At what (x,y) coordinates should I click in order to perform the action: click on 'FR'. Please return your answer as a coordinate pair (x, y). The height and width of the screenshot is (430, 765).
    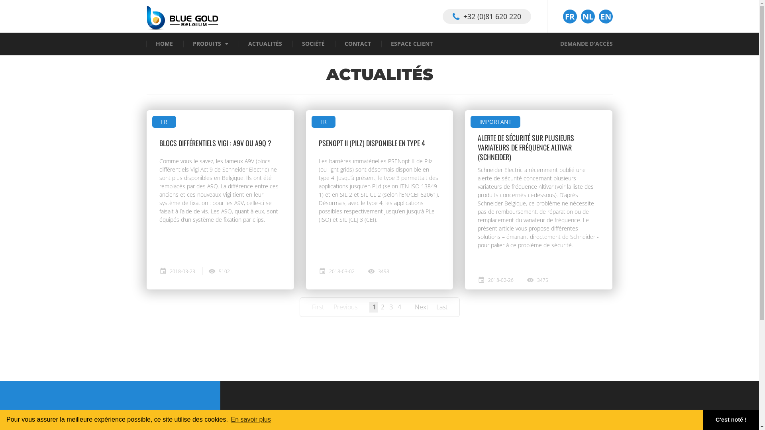
    Looking at the image, I should click on (311, 121).